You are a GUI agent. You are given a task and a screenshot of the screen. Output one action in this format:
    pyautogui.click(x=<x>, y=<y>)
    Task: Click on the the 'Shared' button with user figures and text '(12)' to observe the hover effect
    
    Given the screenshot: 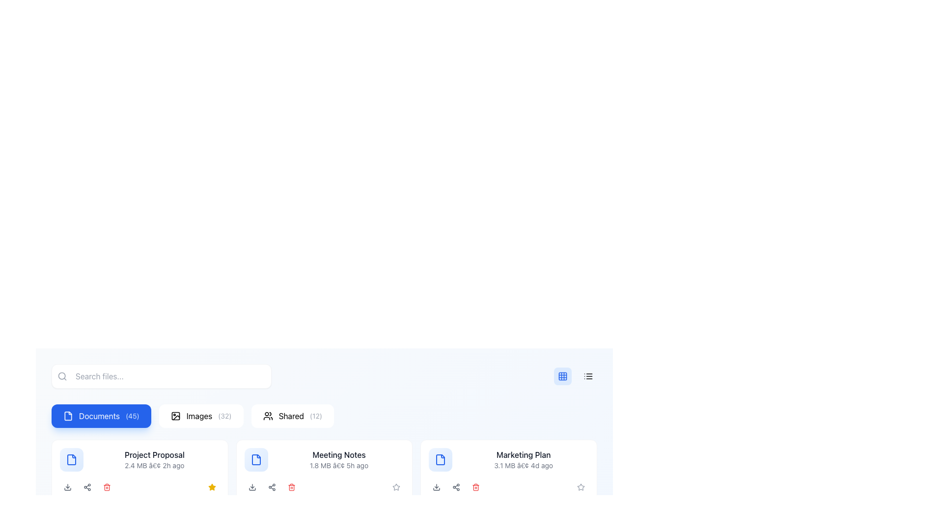 What is the action you would take?
    pyautogui.click(x=292, y=416)
    